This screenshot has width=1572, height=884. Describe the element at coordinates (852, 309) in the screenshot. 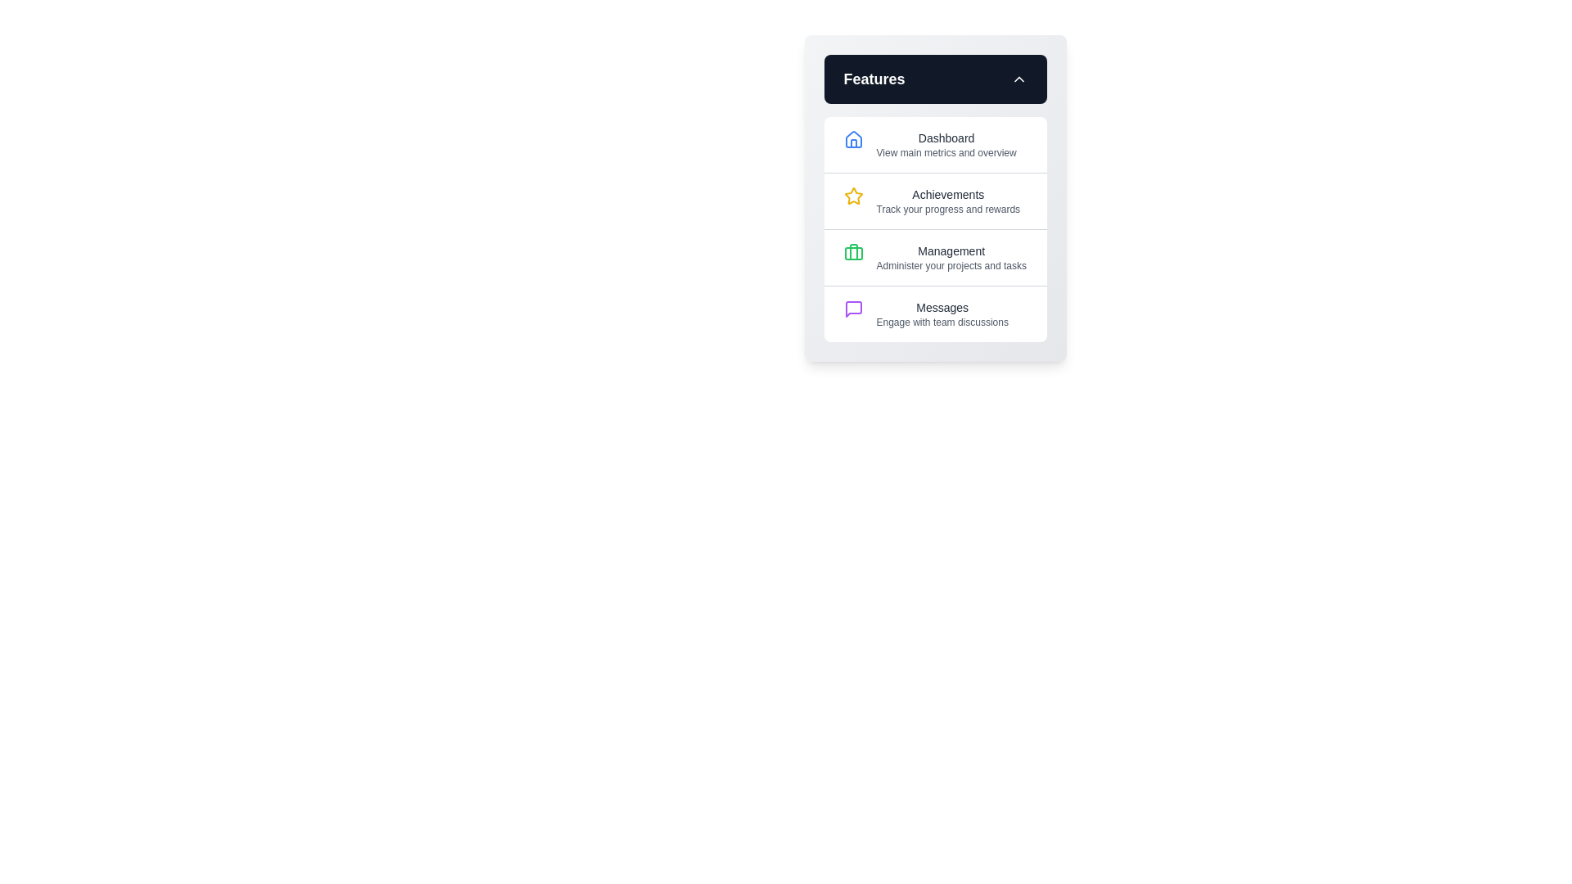

I see `the 'Messages' icon located to the left of the text 'Messages' in the 'Features' section of the navigation menu` at that location.